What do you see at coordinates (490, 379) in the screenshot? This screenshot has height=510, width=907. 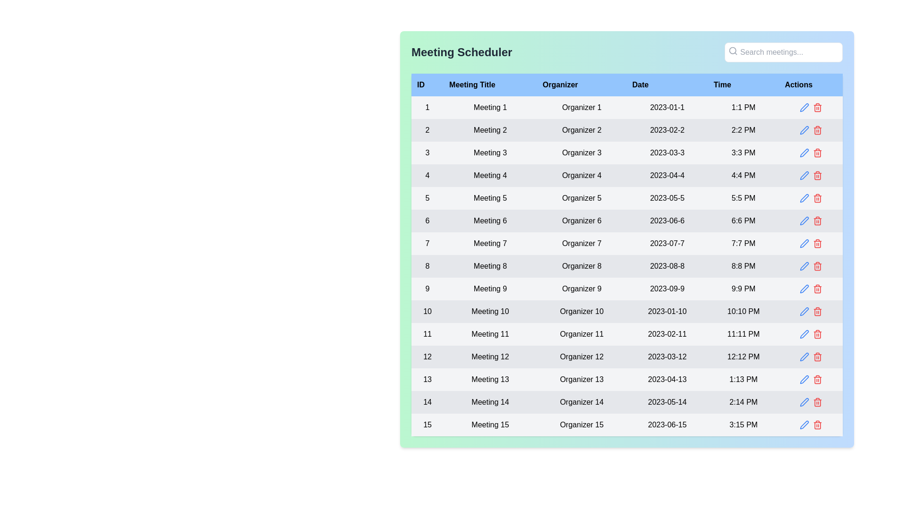 I see `the text label displaying 'Meeting 13', which is located in the 13th row of a table structure, positioned between the 'ID' column and the 'Organizer' column` at bounding box center [490, 379].